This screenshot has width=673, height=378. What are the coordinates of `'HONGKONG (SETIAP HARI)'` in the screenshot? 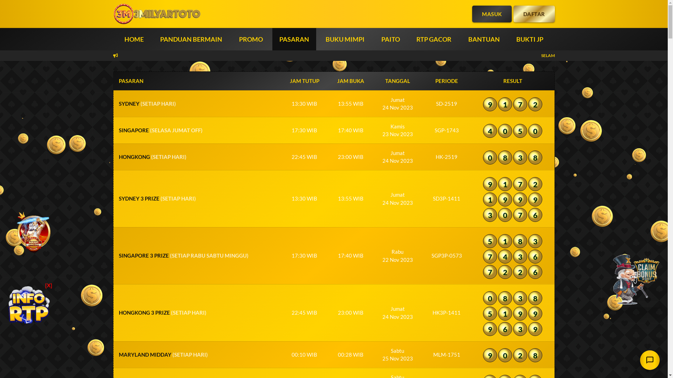 It's located at (152, 156).